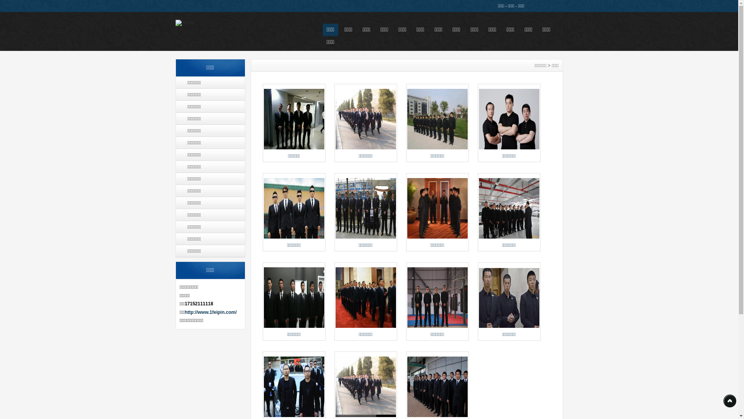  I want to click on 'http://www.1feipin.com/', so click(210, 312).